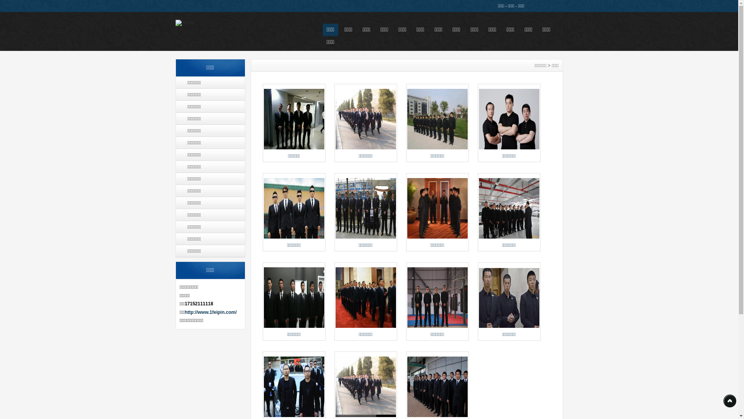  I want to click on 'http://www.1feipin.com/', so click(210, 312).